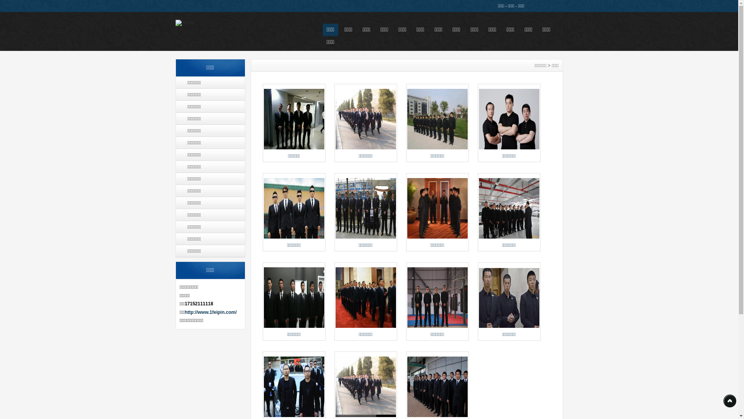  I want to click on 'http://www.1feipin.com/', so click(210, 312).